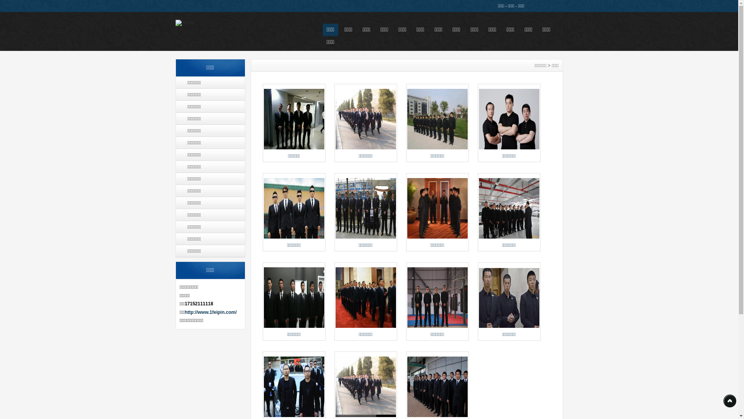  I want to click on 'http://www.1feipin.com/', so click(210, 312).